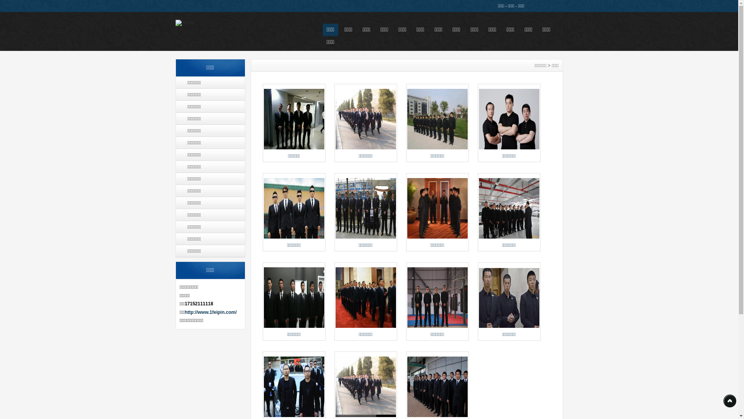  I want to click on 'http://www.1feipin.com/', so click(210, 312).